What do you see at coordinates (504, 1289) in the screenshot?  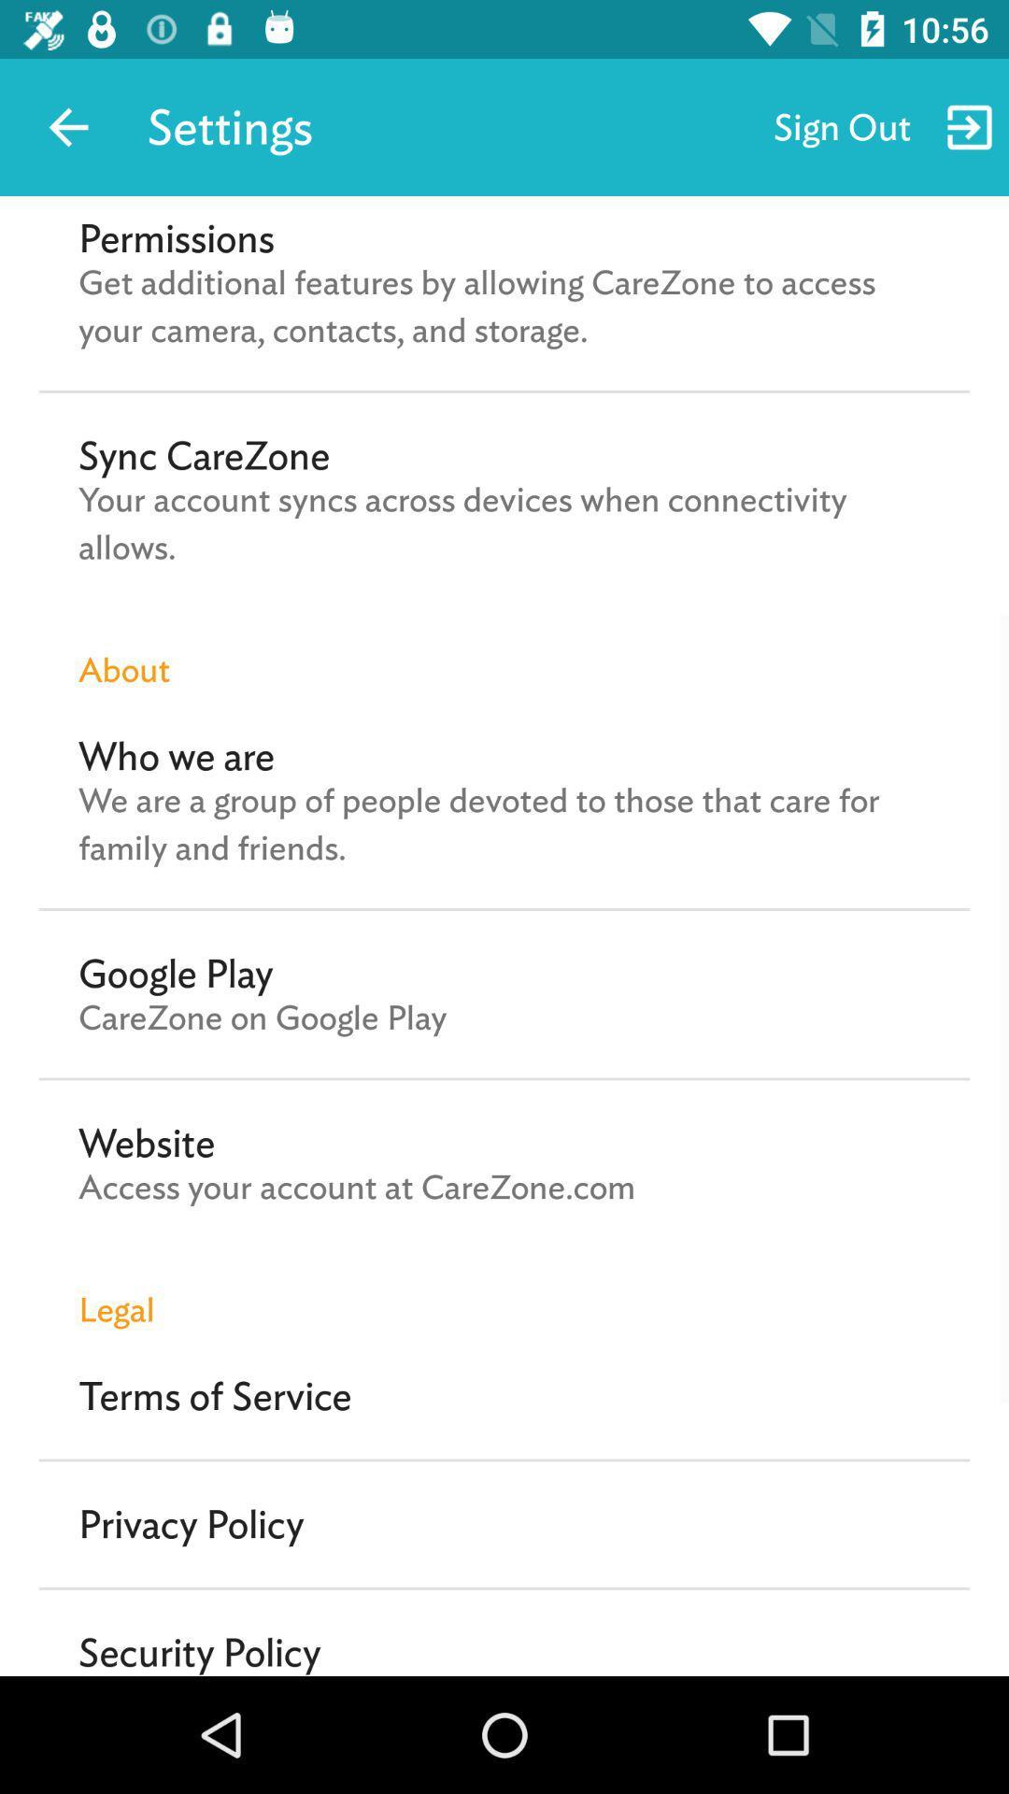 I see `the legal` at bounding box center [504, 1289].